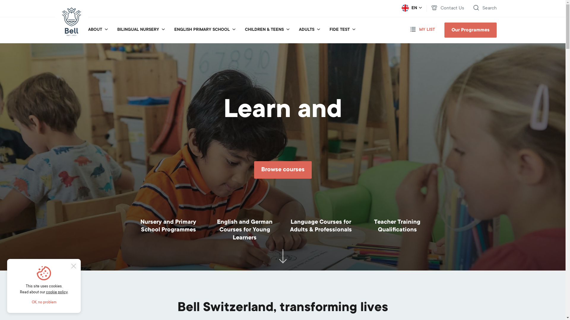  What do you see at coordinates (470, 30) in the screenshot?
I see `'Our Programmes'` at bounding box center [470, 30].